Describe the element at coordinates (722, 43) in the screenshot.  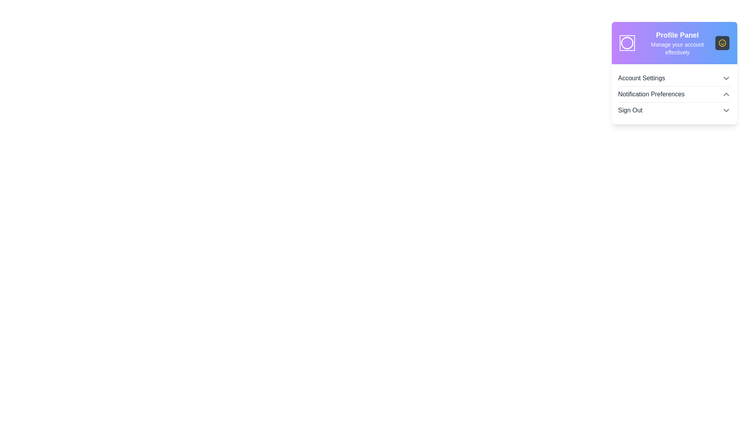
I see `the circular yellow smiling face button located on the right side of the 'Profile Panel Manage your account effectively' text within the purple header section of the profile panel to change its color` at that location.